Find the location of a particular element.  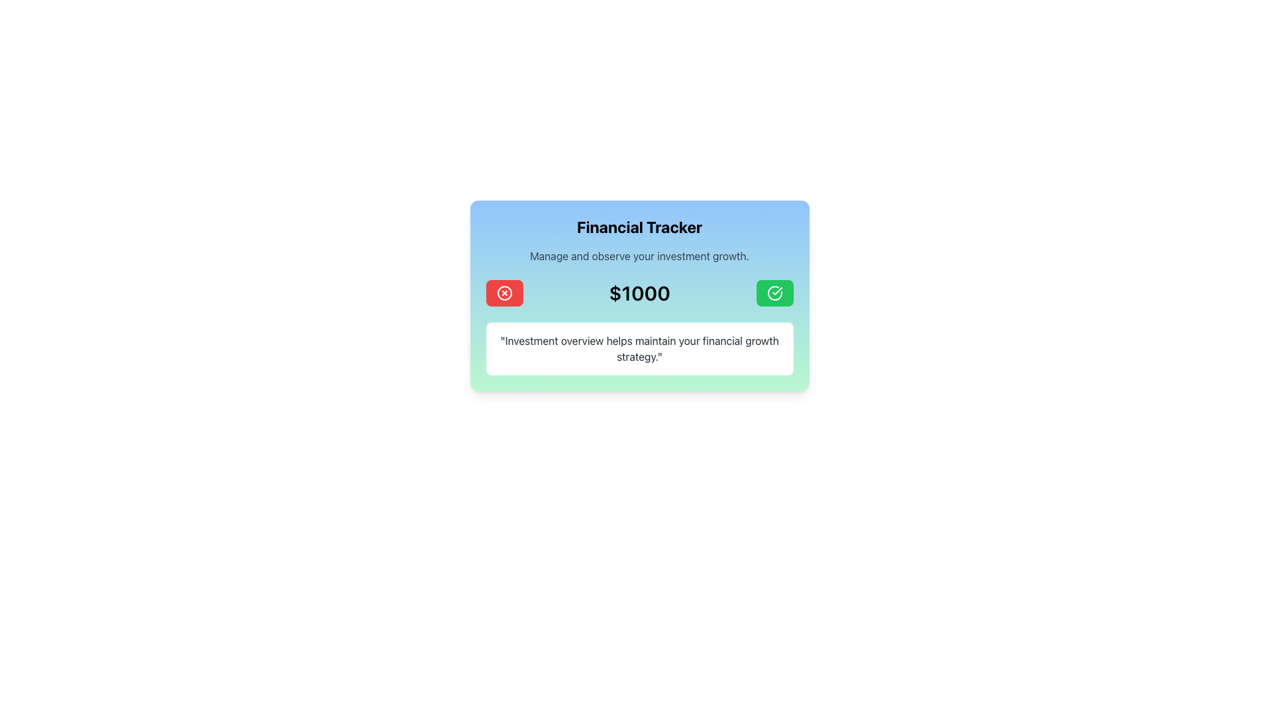

the text element displaying the numerical value '$1000', which is styled with a large bold font and centrally positioned within its colored card, below the title 'Manage and observe your investment growth.' and above the descriptive text 'Investment overview helps maintain your financial growth strategy.' is located at coordinates (639, 293).